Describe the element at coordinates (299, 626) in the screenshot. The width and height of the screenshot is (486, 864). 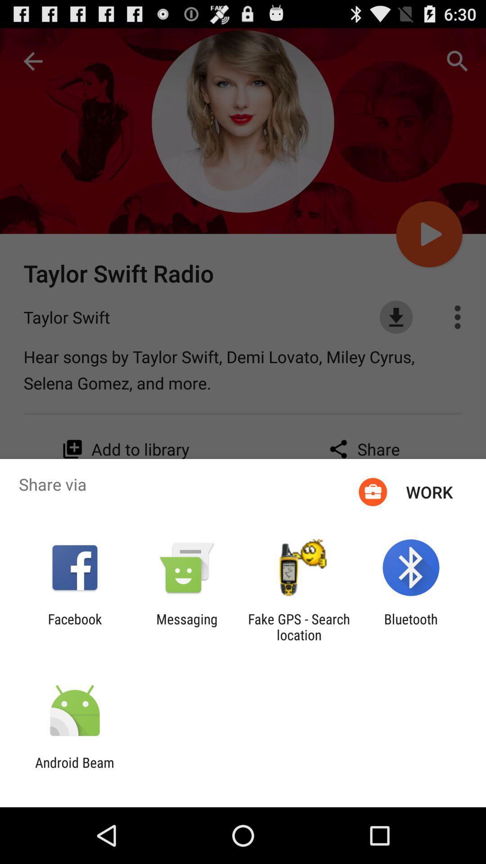
I see `the item to the right of the messaging app` at that location.